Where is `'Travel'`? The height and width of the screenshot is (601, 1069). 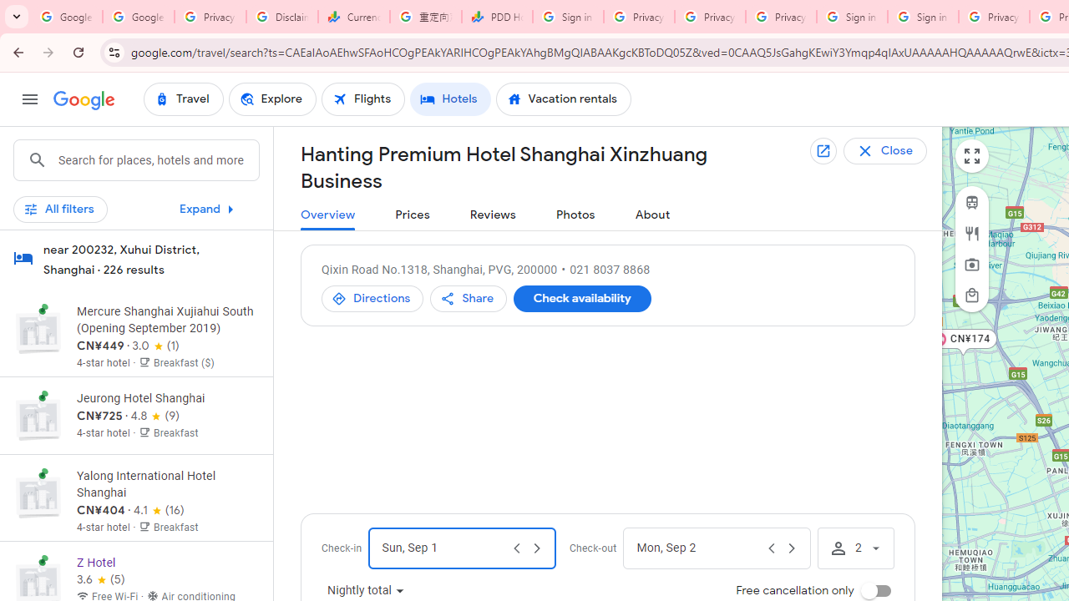
'Travel' is located at coordinates (183, 99).